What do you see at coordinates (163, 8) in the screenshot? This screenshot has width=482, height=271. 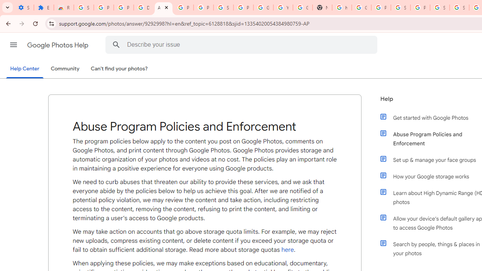 I see `'Abuse Program Policies and Enforcement - Google Photos Help'` at bounding box center [163, 8].